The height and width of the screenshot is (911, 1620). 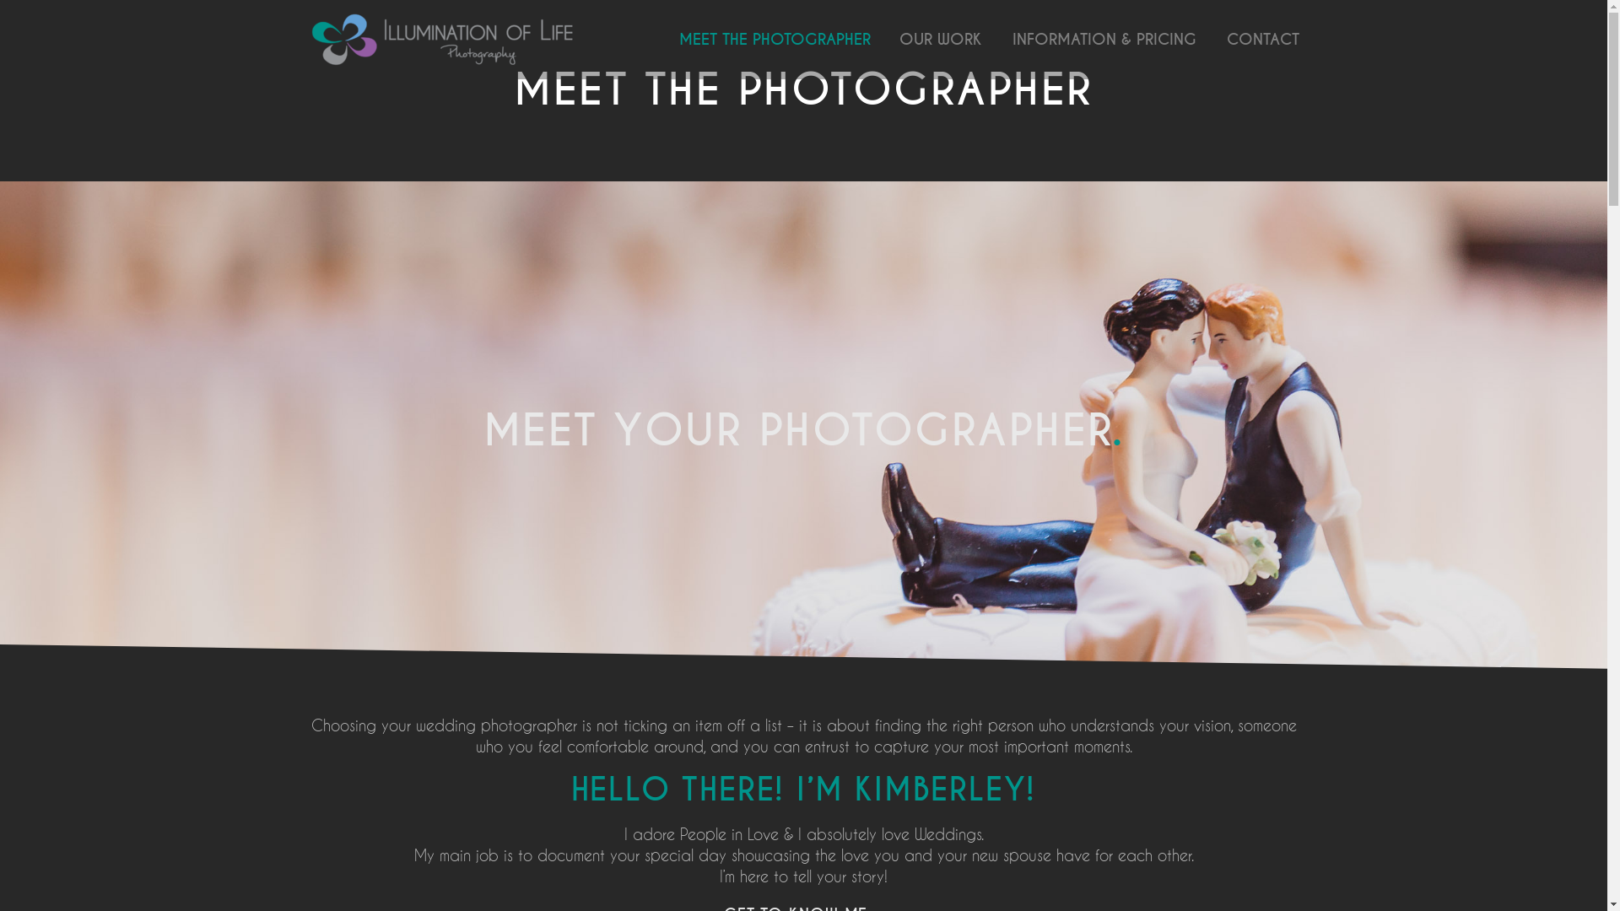 What do you see at coordinates (1262, 38) in the screenshot?
I see `'CONTACT'` at bounding box center [1262, 38].